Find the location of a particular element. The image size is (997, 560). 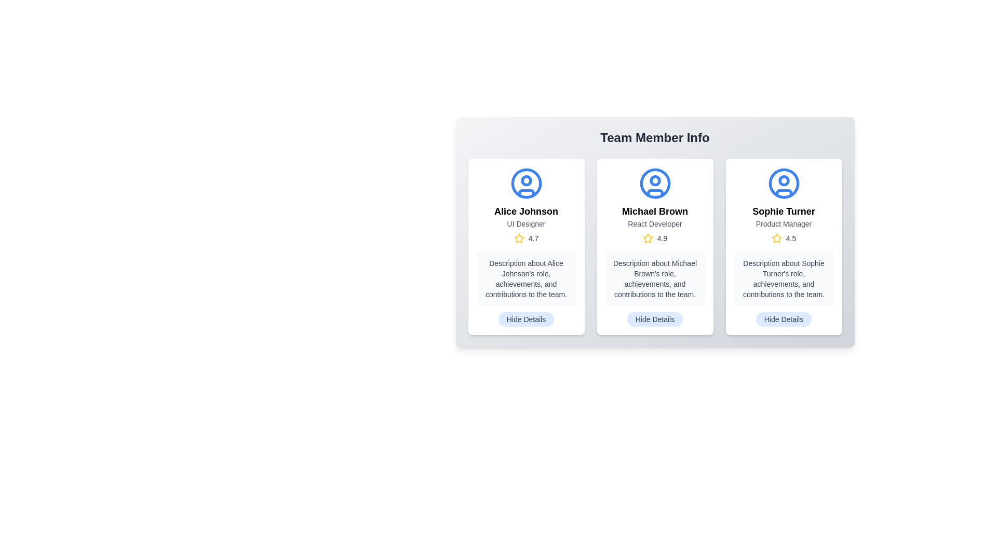

the yellow star icon in the star rating system under the 'Sophie Turner' card located in the third column of the 'Team Member Info' section is located at coordinates (776, 238).